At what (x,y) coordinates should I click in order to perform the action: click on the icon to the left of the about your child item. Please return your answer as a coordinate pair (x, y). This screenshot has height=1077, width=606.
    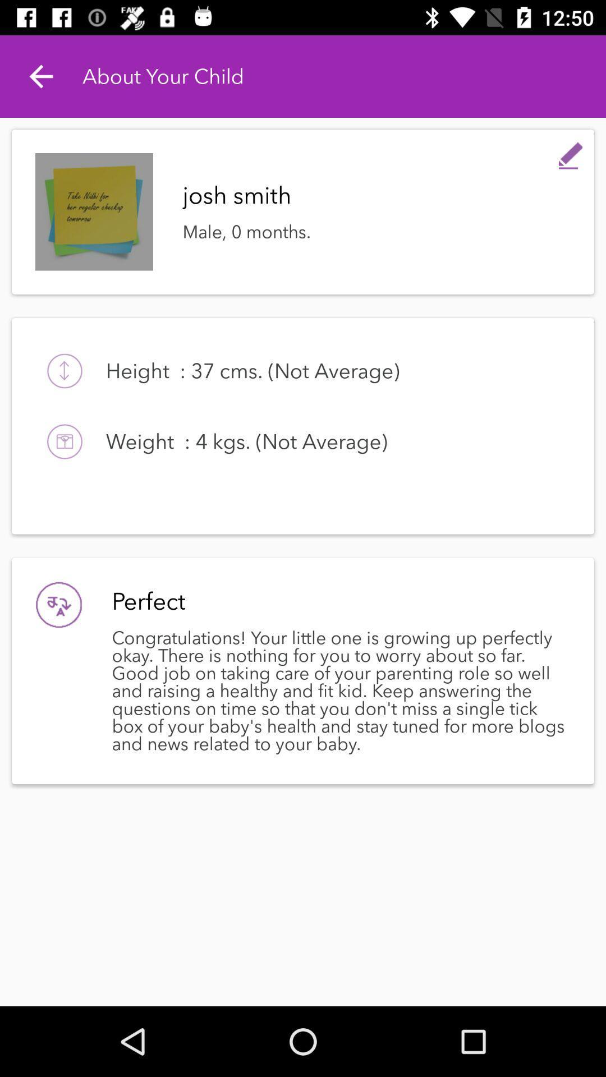
    Looking at the image, I should click on (40, 76).